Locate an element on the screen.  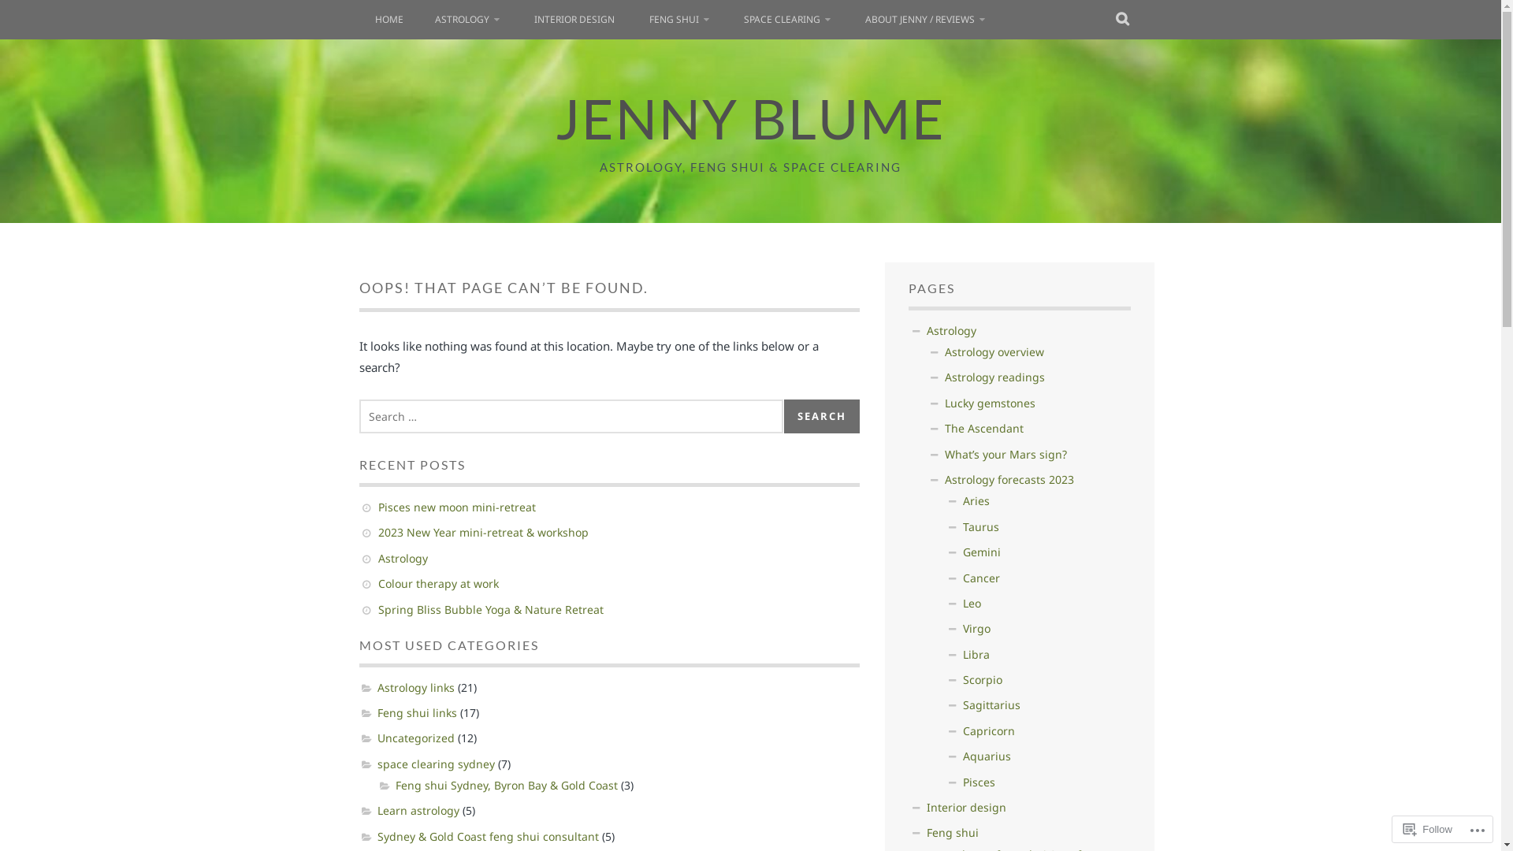
'INTERIOR DESIGN' is located at coordinates (574, 19).